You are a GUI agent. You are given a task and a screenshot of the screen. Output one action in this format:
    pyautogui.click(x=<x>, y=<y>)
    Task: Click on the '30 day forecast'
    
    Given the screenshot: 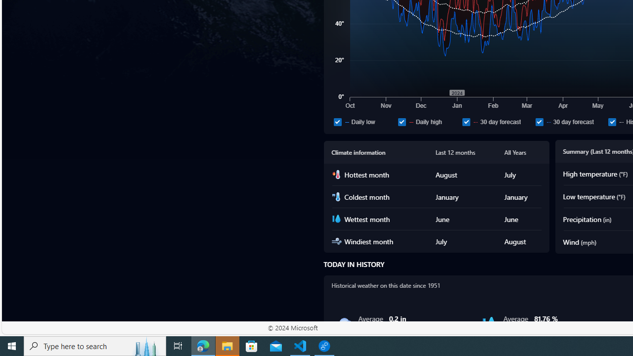 What is the action you would take?
    pyautogui.click(x=539, y=121)
    